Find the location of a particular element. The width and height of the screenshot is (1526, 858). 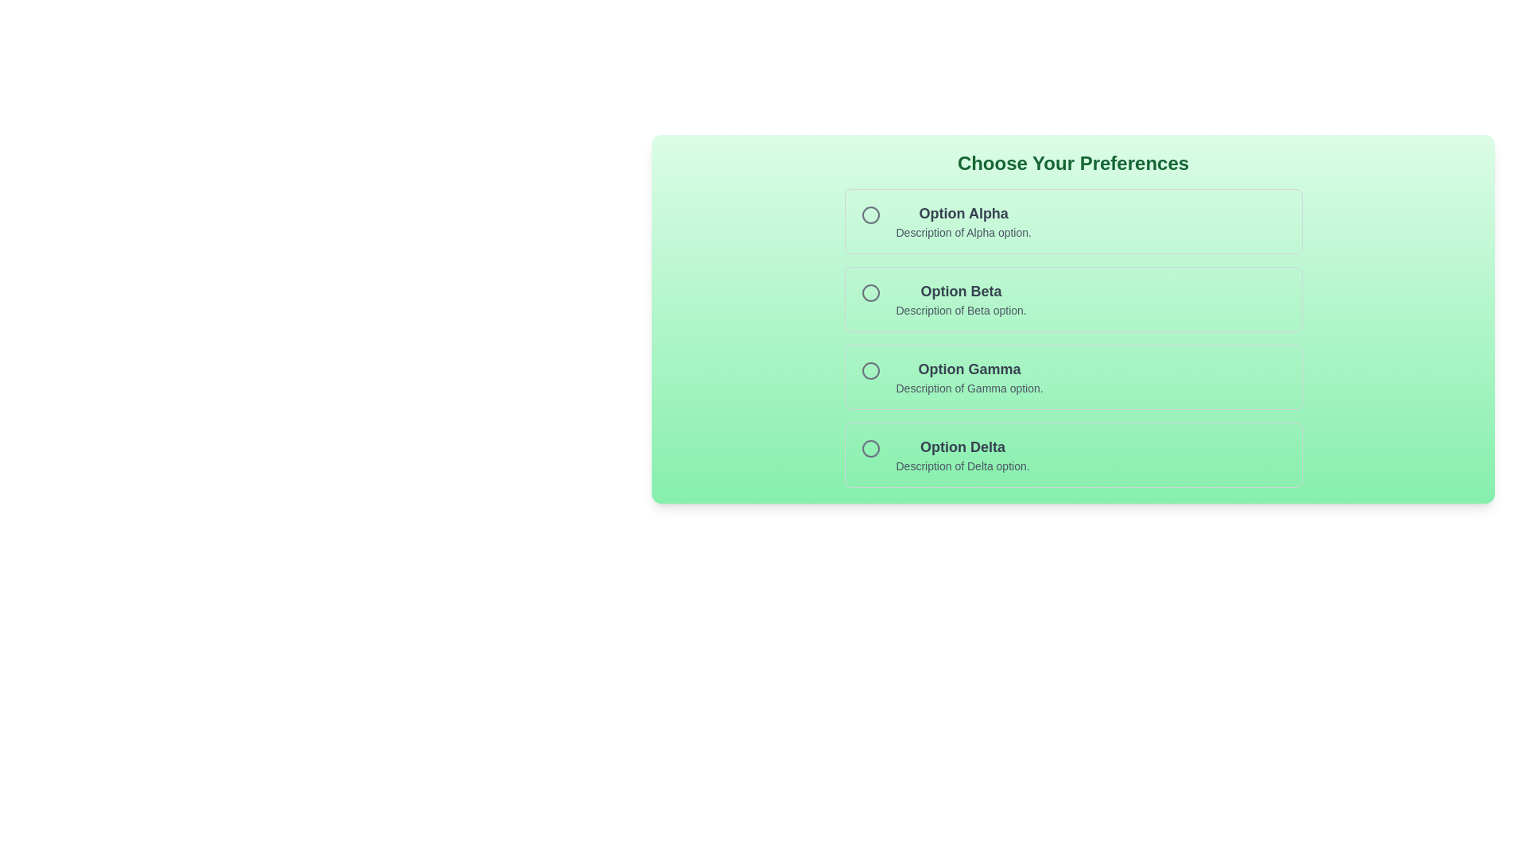

text label 'Option Alpha' which is prominently displayed in bold dark gray font as the primary identifier of the associated option, located in the first option group under 'Choose Your Preferences' is located at coordinates (962, 213).